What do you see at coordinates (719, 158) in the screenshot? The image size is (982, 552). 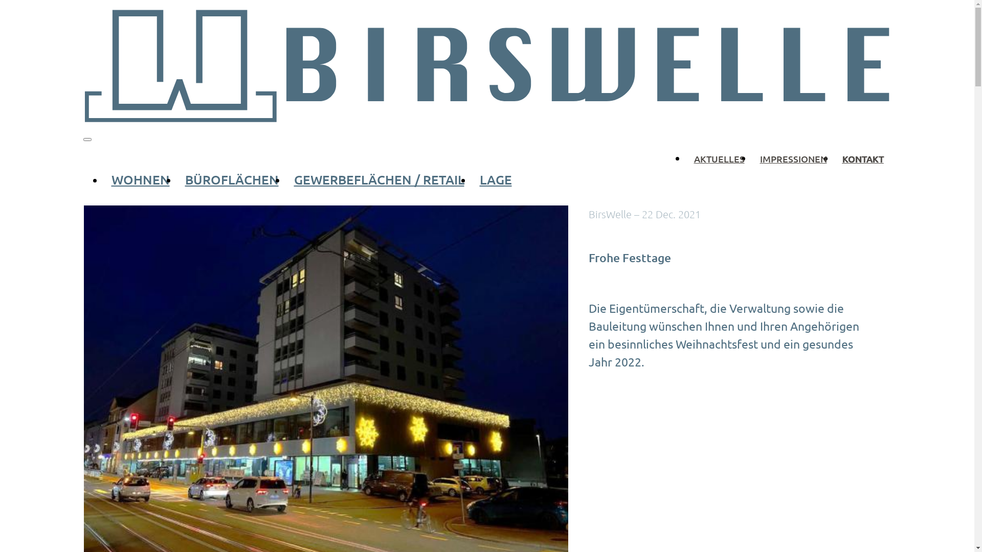 I see `'AKTUELLES'` at bounding box center [719, 158].